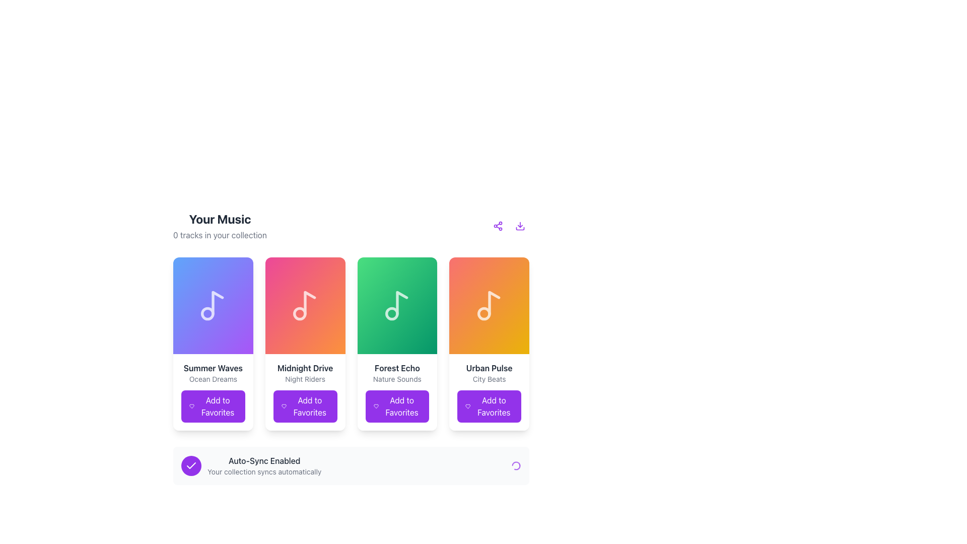 This screenshot has height=544, width=967. Describe the element at coordinates (498, 225) in the screenshot. I see `the share button located in the top-right corner of the main content area, positioned to the left of the download icon button` at that location.